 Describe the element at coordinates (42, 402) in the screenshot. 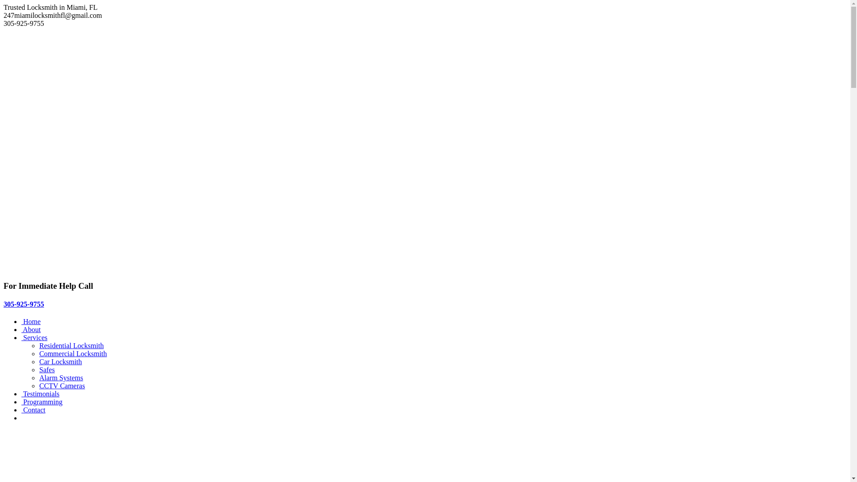

I see `' Programming'` at that location.